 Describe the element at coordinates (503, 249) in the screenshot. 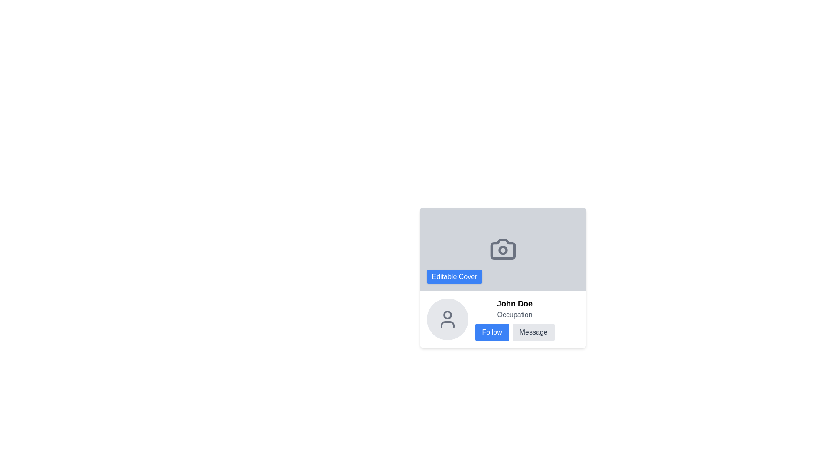

I see `the cover image icon located at the center of the gray block on the card structure` at that location.